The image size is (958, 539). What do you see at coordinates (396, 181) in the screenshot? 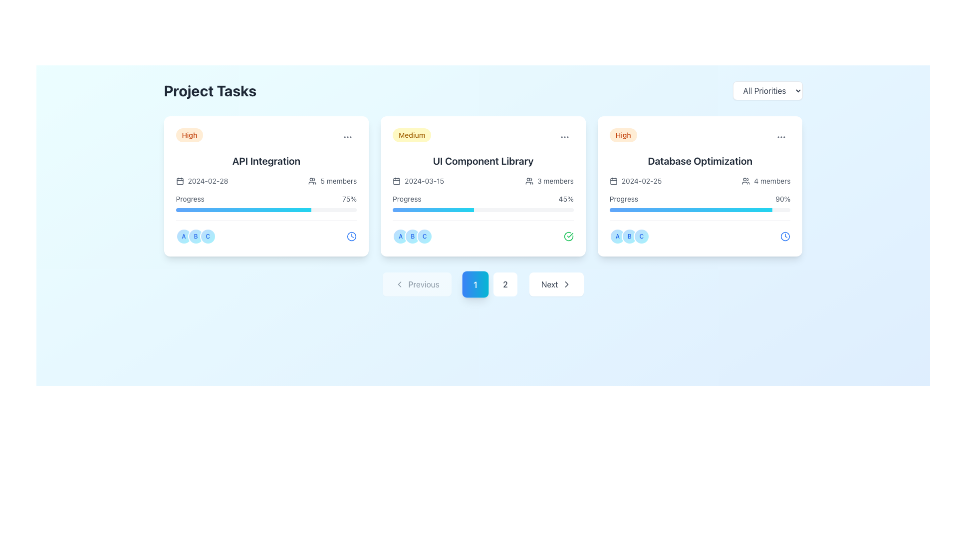
I see `the rectangle inside the calendar icon, which is located next to the date text '2024-03-15' under the 'UI Component Library' header` at bounding box center [396, 181].